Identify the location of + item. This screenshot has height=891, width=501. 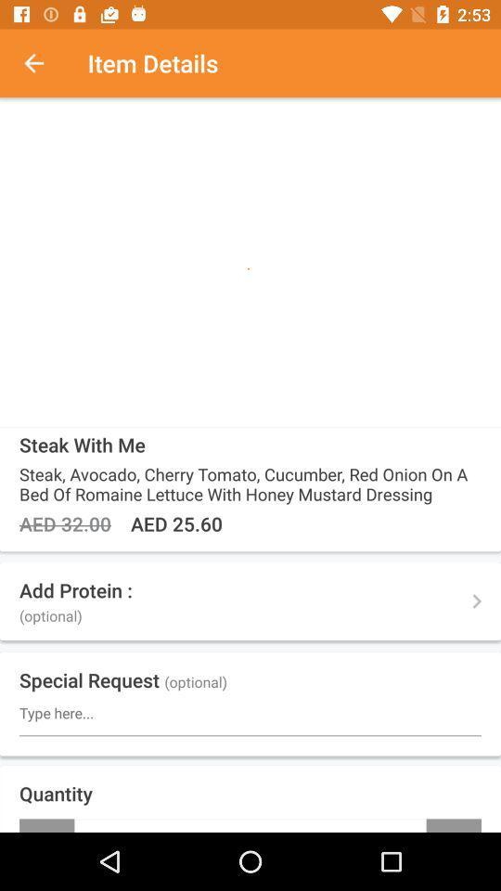
(453, 824).